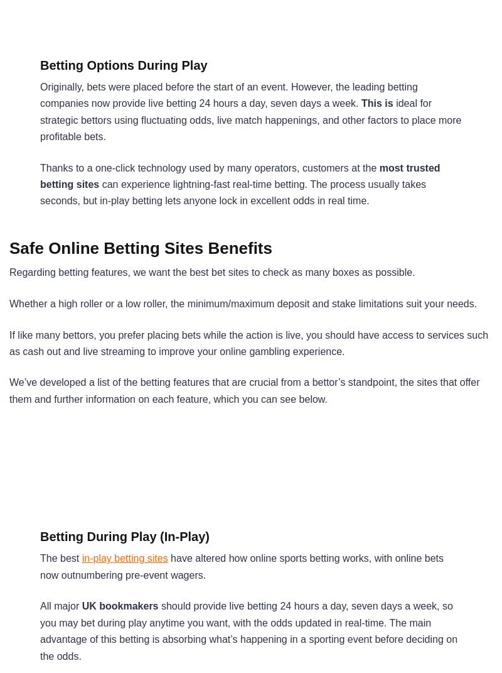  Describe the element at coordinates (122, 65) in the screenshot. I see `'Betting Options During Play'` at that location.